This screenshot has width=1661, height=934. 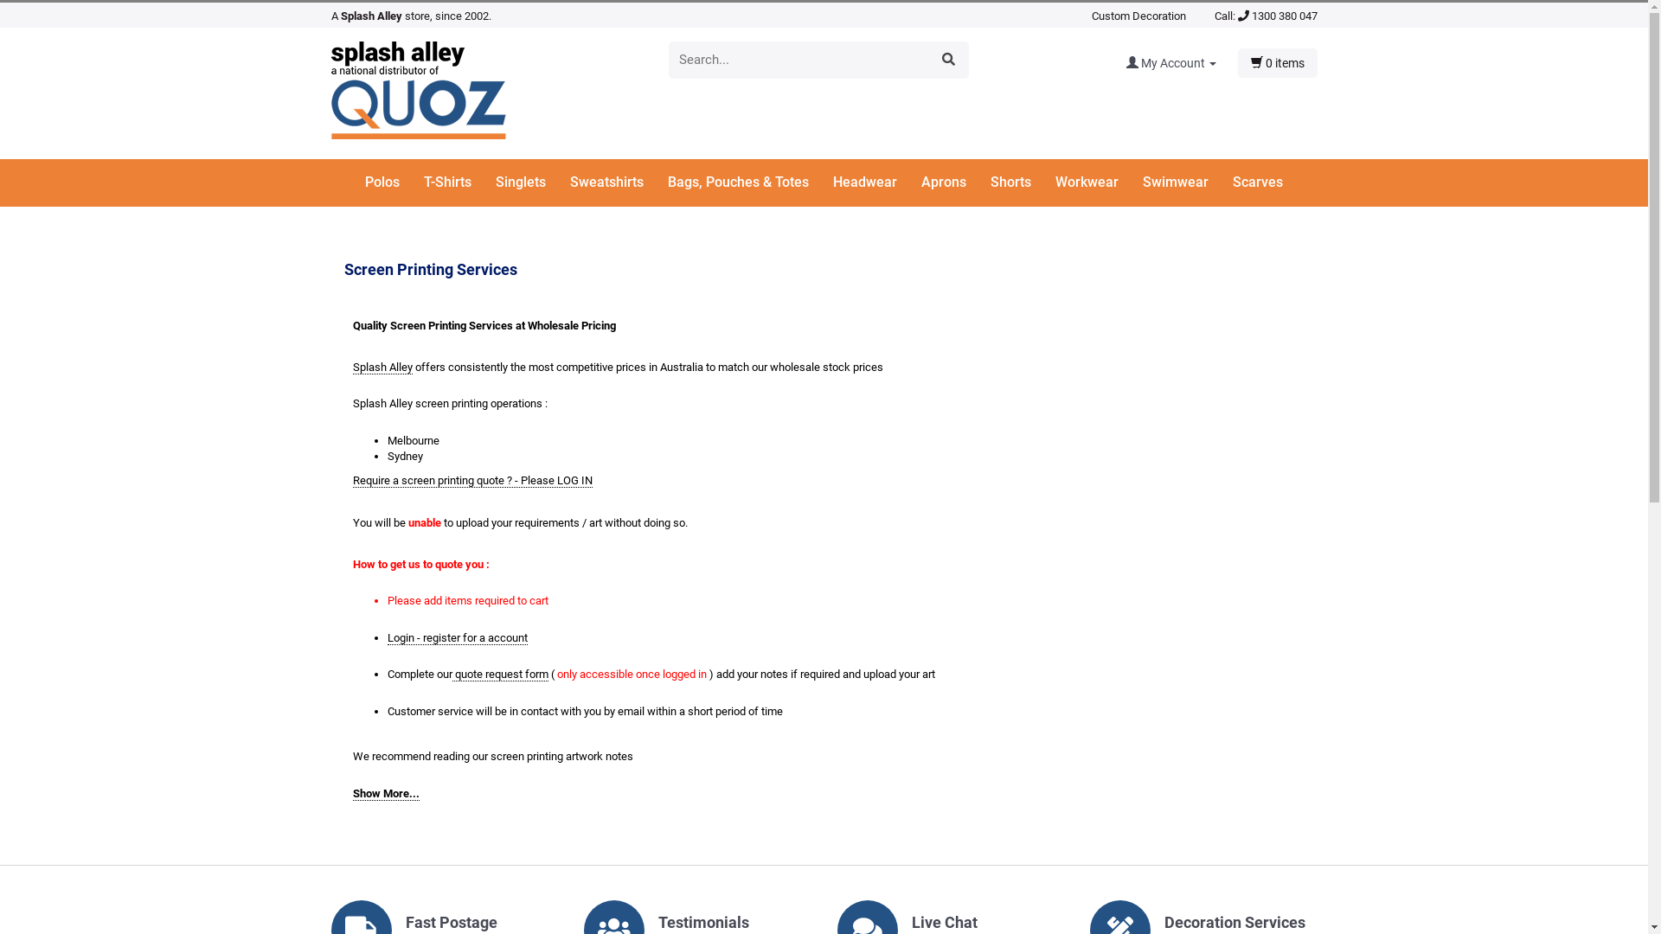 What do you see at coordinates (1126, 62) in the screenshot?
I see `'My Account'` at bounding box center [1126, 62].